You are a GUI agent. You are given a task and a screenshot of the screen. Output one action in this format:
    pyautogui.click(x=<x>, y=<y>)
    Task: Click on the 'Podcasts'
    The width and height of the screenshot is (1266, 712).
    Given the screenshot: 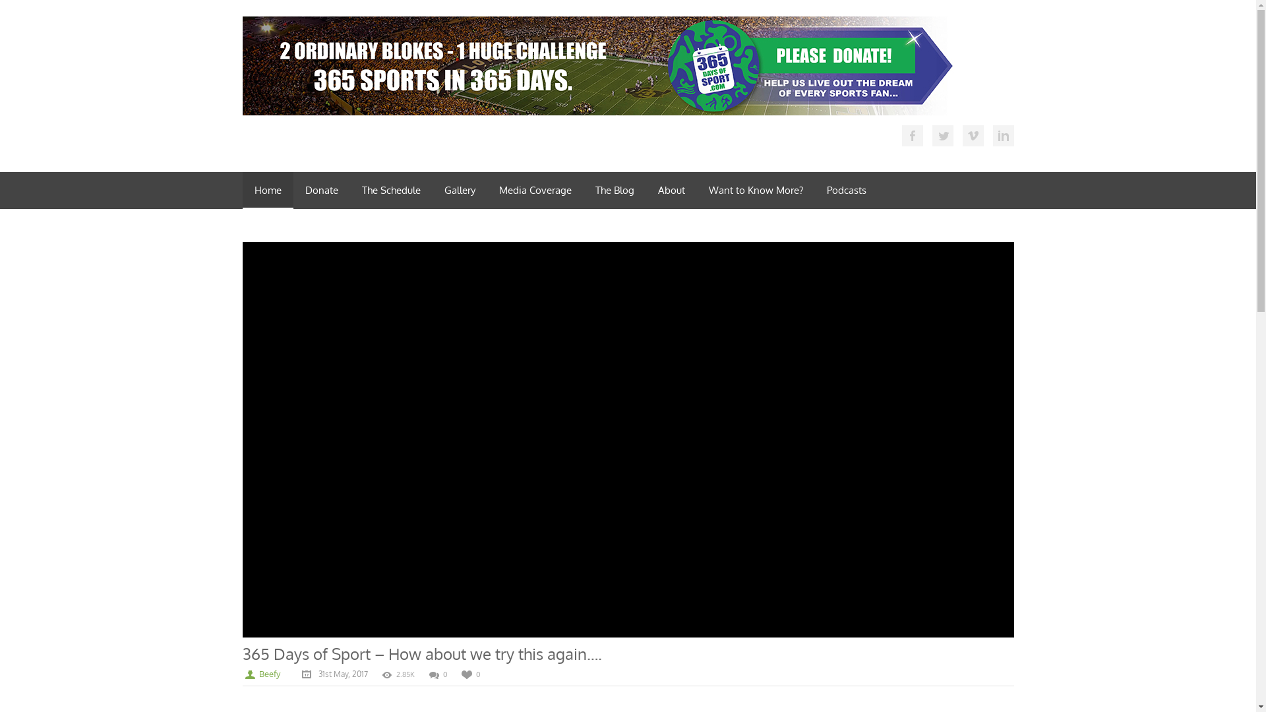 What is the action you would take?
    pyautogui.click(x=846, y=191)
    